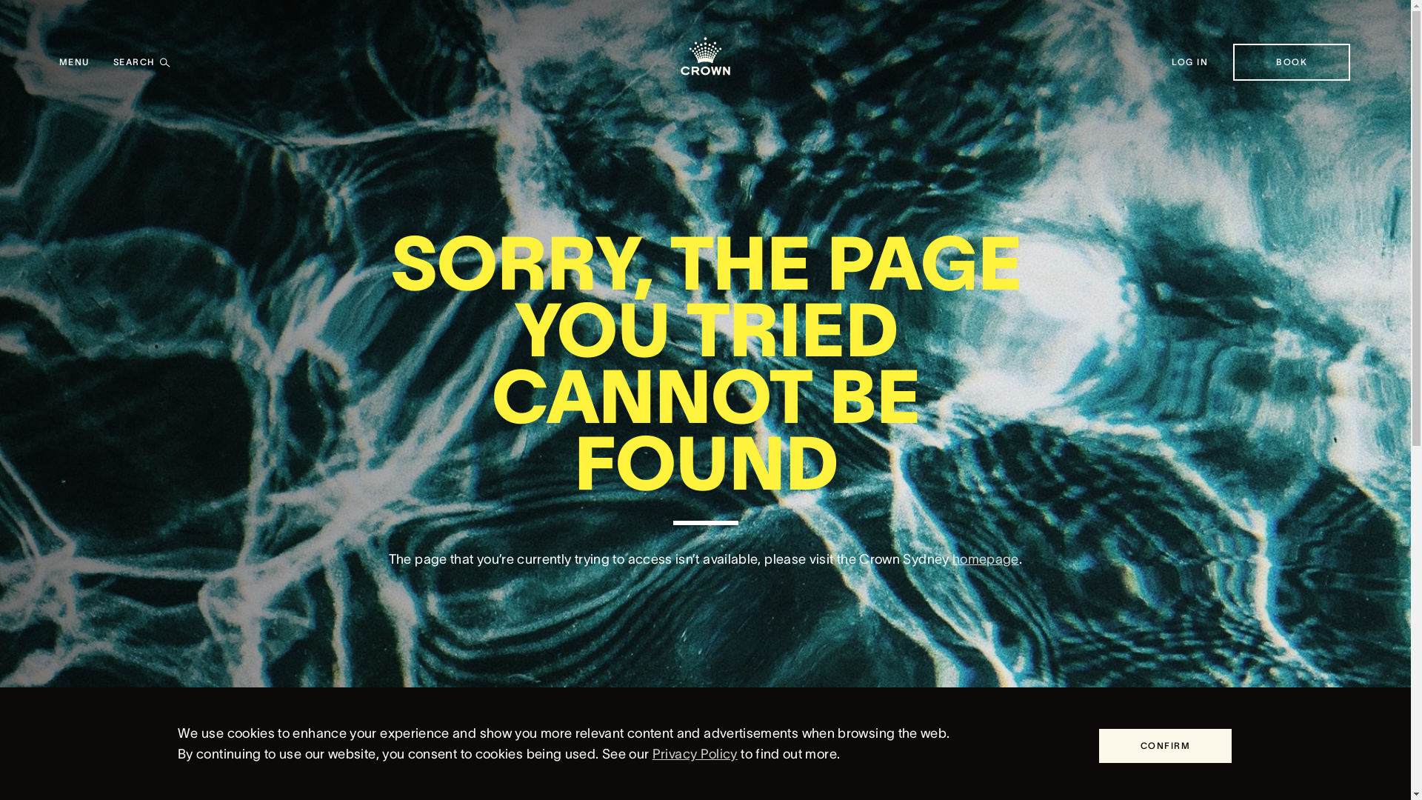 This screenshot has height=800, width=1422. What do you see at coordinates (985, 559) in the screenshot?
I see `'homepage'` at bounding box center [985, 559].